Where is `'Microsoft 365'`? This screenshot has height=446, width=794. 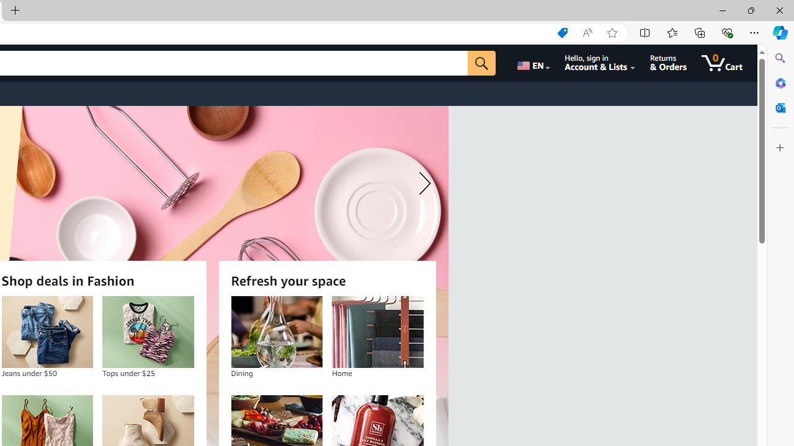 'Microsoft 365' is located at coordinates (780, 82).